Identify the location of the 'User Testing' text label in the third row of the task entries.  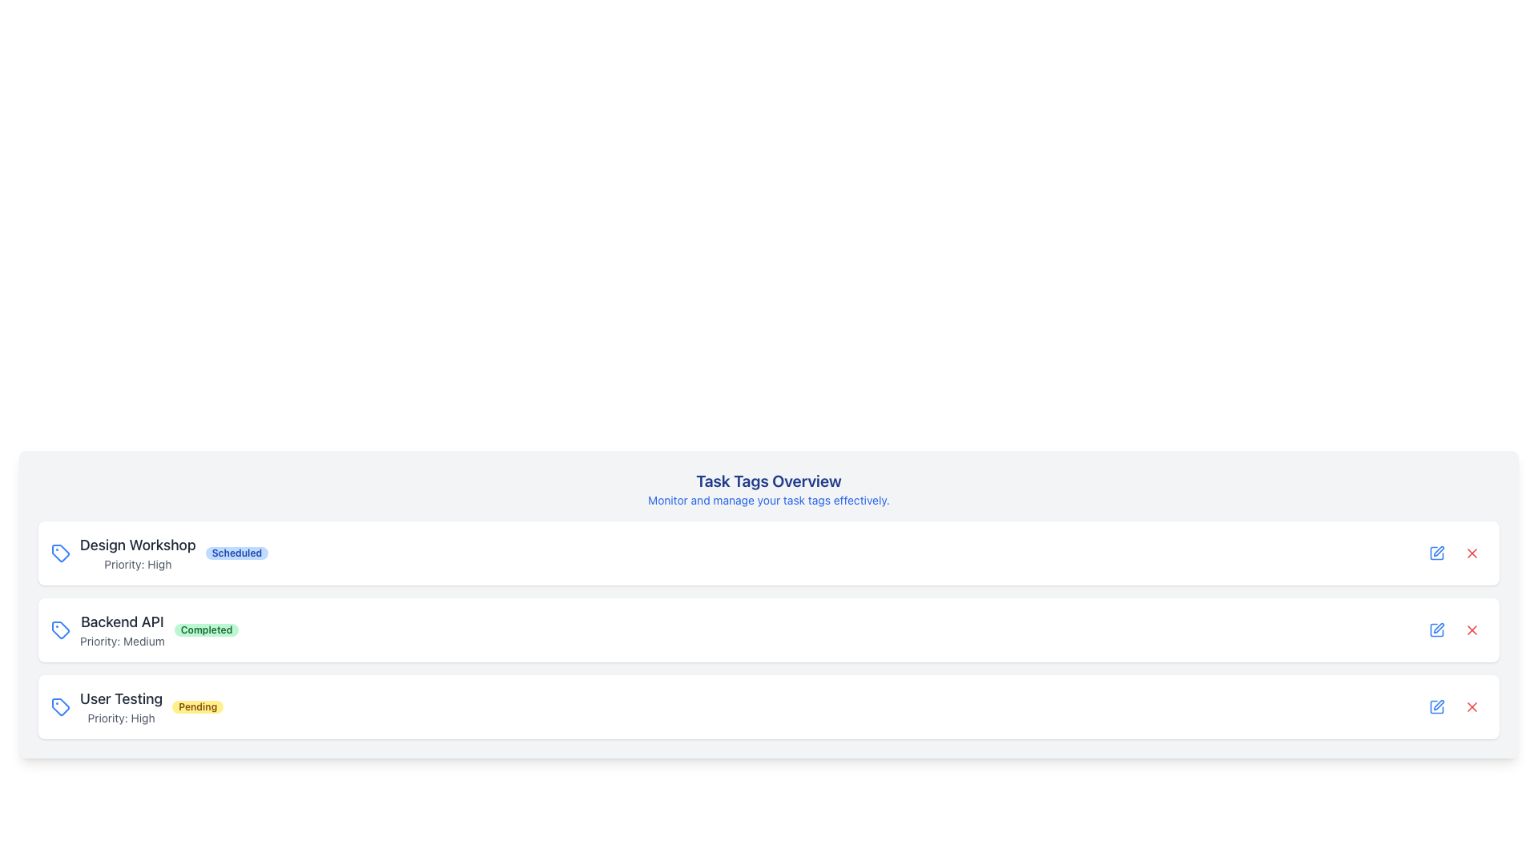
(120, 698).